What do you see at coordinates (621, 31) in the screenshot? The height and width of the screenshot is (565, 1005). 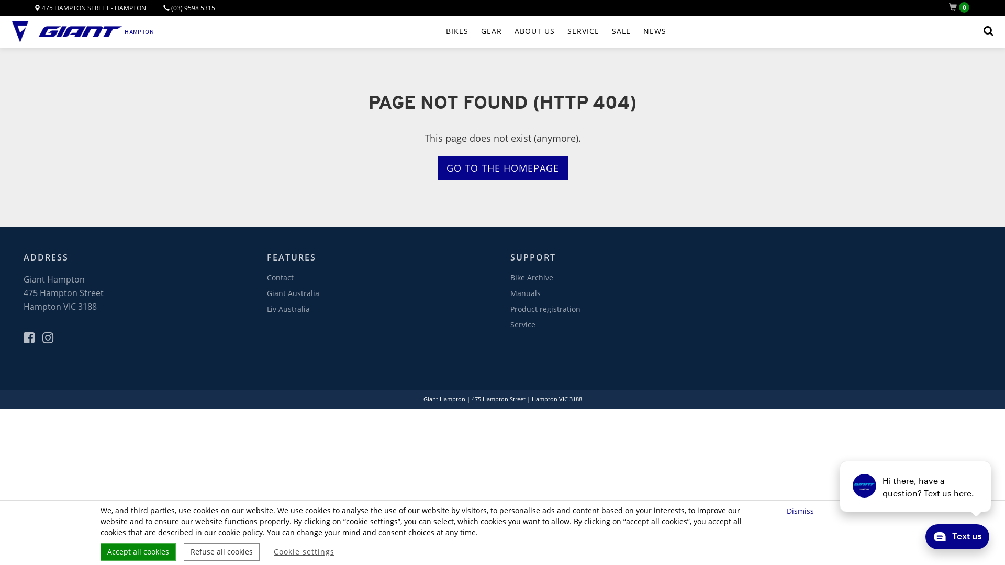 I see `'SALE'` at bounding box center [621, 31].